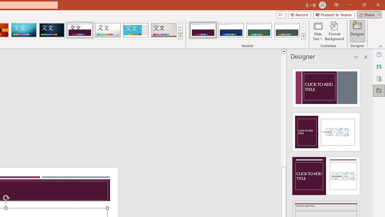  I want to click on 'Variants', so click(303, 36).